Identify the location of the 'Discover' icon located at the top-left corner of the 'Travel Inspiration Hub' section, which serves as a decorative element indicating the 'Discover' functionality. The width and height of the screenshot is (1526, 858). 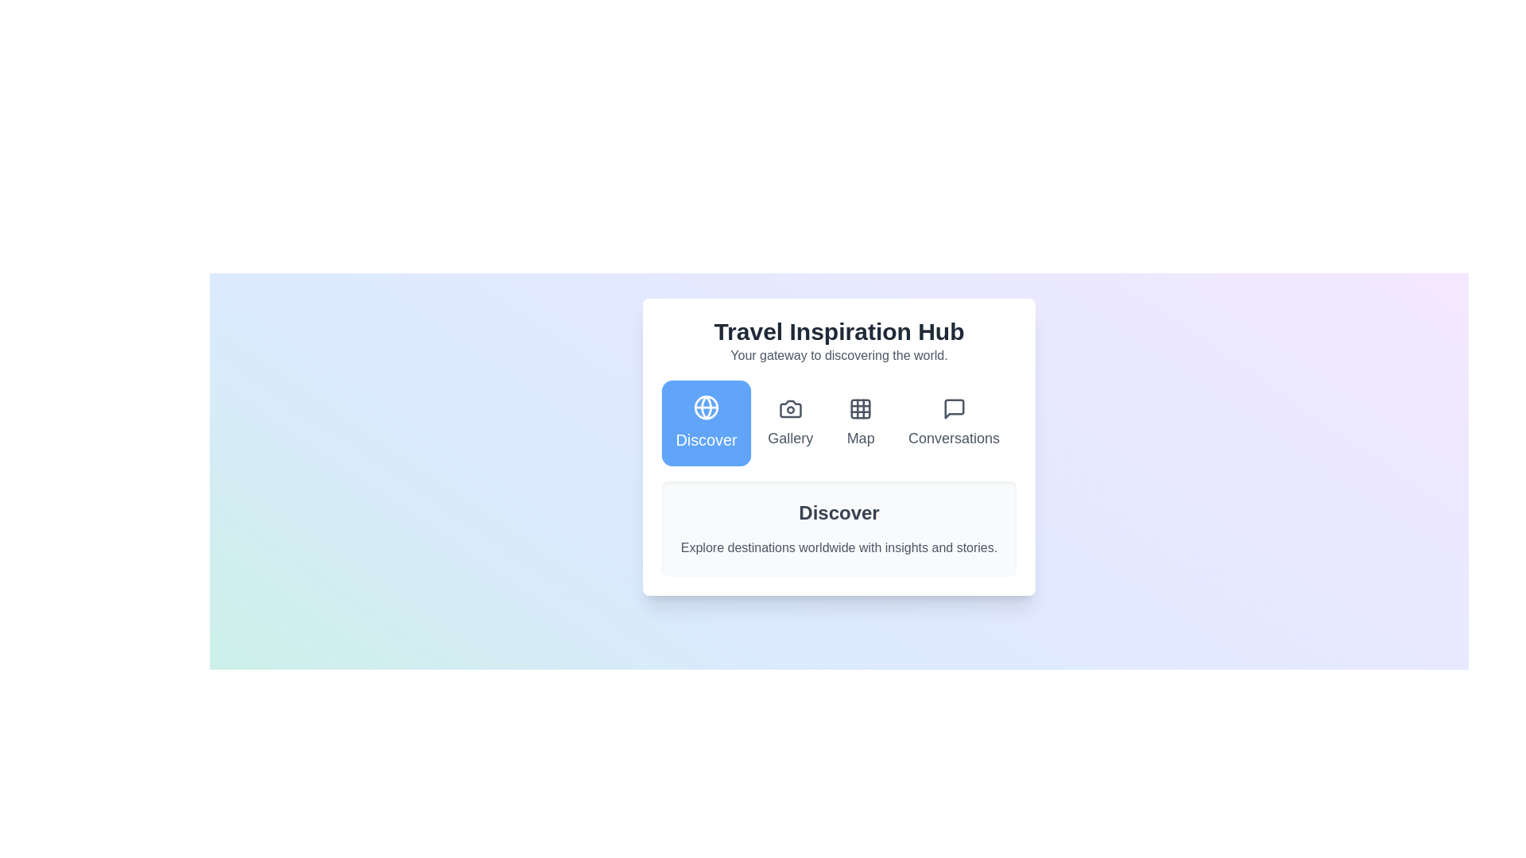
(705, 407).